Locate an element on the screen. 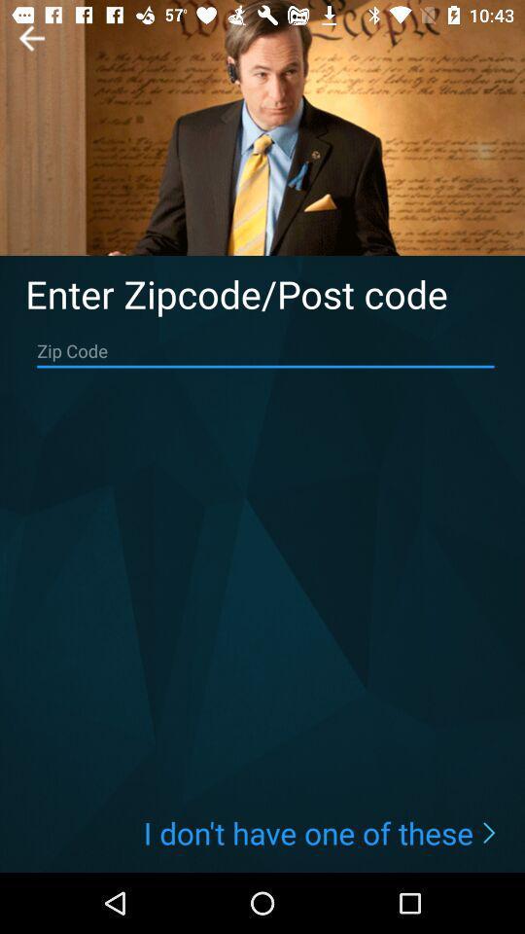 This screenshot has height=934, width=525. fill in with zip code is located at coordinates (264, 350).